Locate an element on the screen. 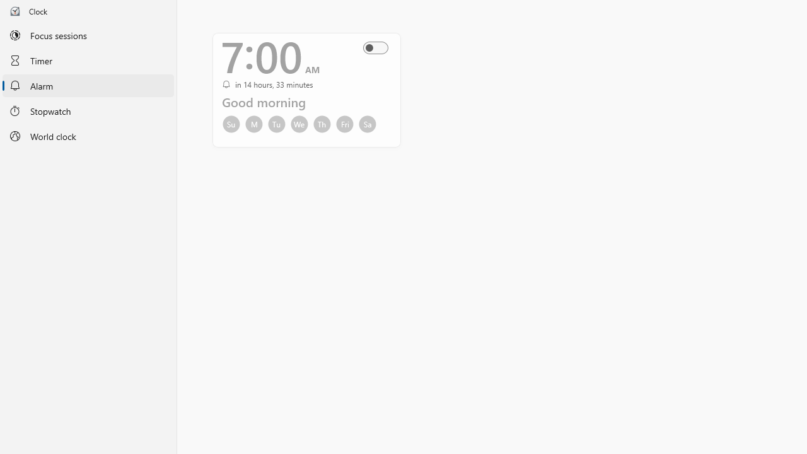 The height and width of the screenshot is (454, 807). 'Timer' is located at coordinates (88, 60).